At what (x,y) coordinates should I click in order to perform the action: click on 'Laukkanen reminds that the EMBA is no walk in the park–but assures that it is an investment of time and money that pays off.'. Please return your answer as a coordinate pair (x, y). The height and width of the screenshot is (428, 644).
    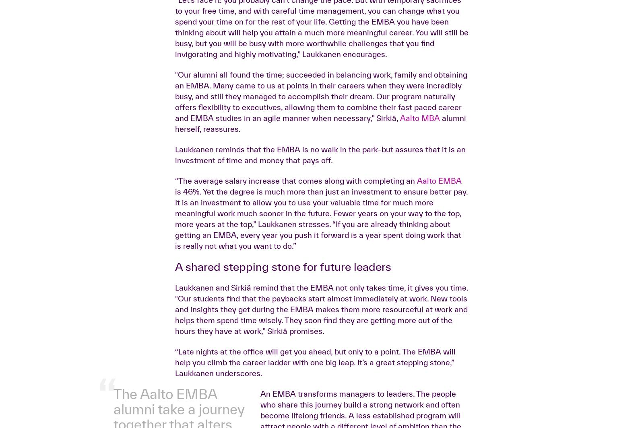
    Looking at the image, I should click on (320, 281).